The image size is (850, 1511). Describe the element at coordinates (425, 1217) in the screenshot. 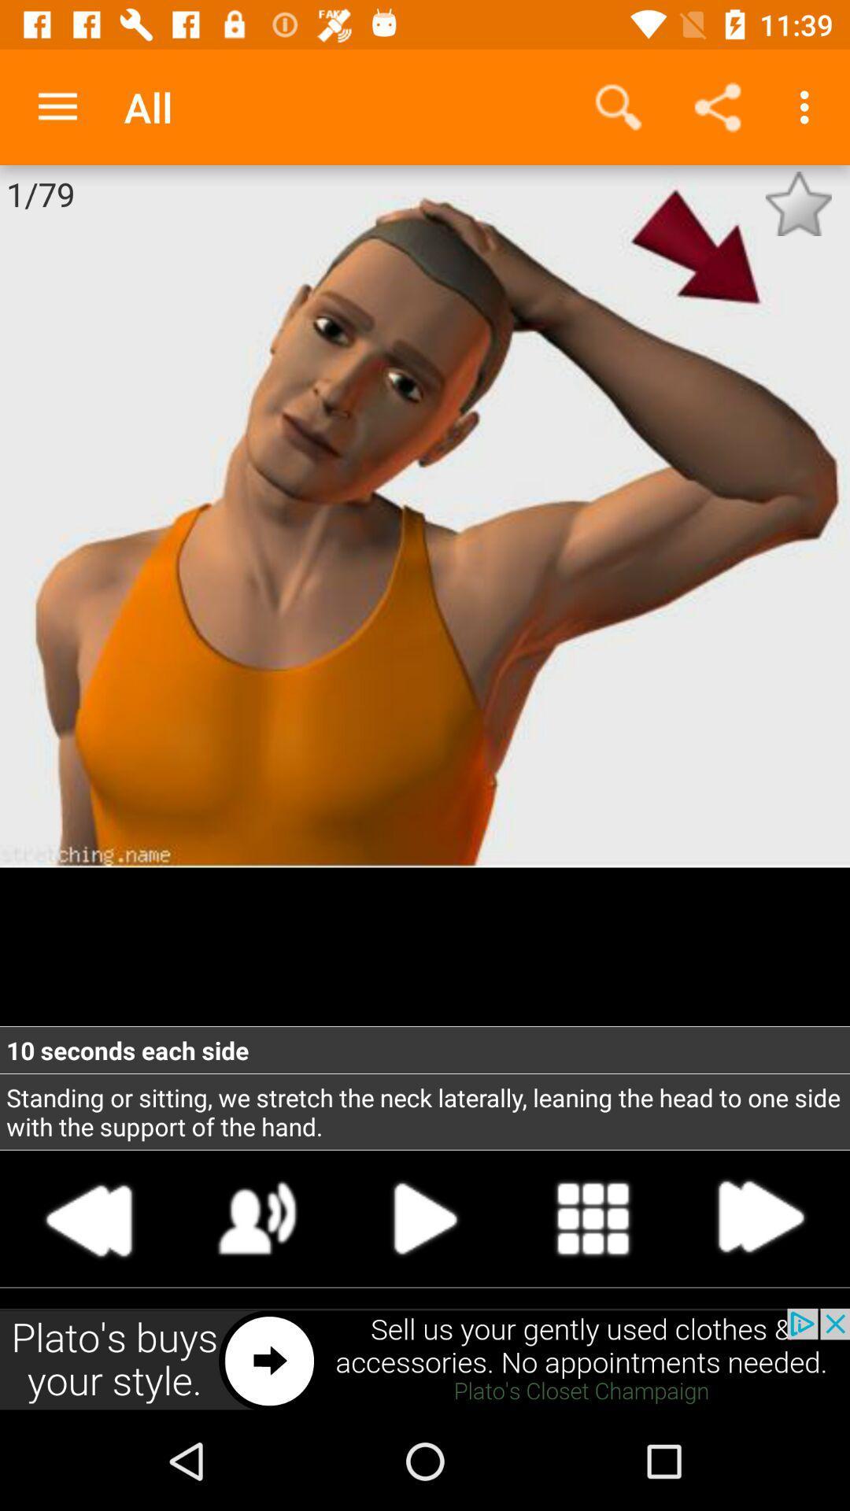

I see `play` at that location.